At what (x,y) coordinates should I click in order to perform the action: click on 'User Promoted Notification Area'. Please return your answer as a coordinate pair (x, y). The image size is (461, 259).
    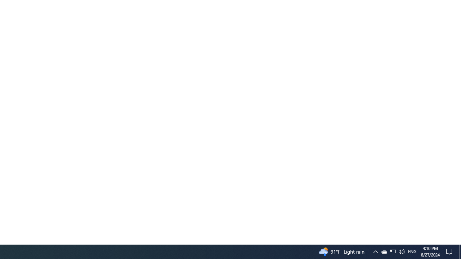
    Looking at the image, I should click on (393, 251).